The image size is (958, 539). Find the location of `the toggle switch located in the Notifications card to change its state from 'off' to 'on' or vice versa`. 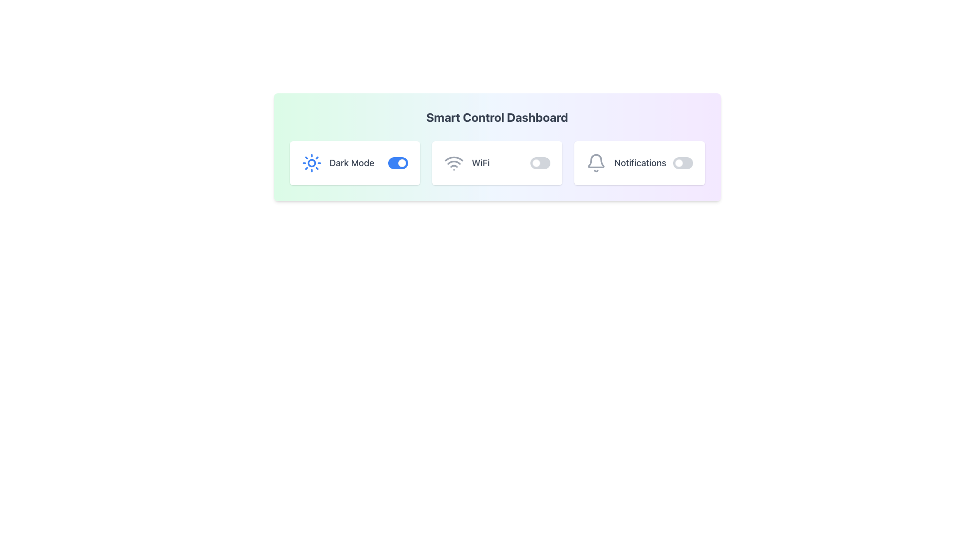

the toggle switch located in the Notifications card to change its state from 'off' to 'on' or vice versa is located at coordinates (682, 163).